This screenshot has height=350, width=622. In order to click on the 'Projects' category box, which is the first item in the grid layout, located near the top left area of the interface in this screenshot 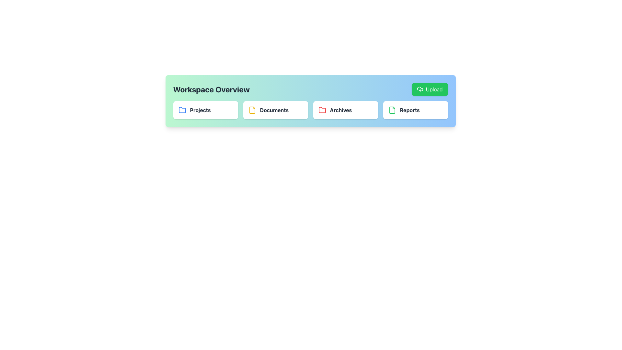, I will do `click(205, 110)`.